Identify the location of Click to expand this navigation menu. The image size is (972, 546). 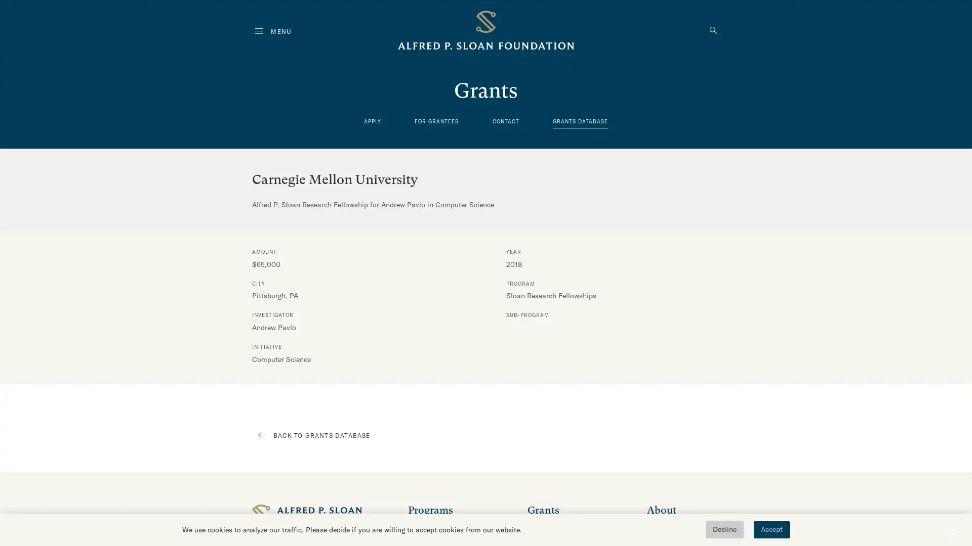
(398, 527).